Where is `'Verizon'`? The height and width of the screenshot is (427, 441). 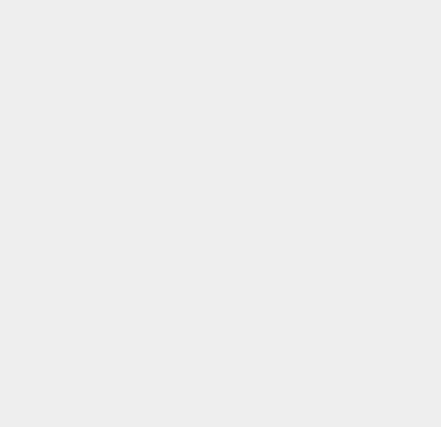
'Verizon' is located at coordinates (312, 270).